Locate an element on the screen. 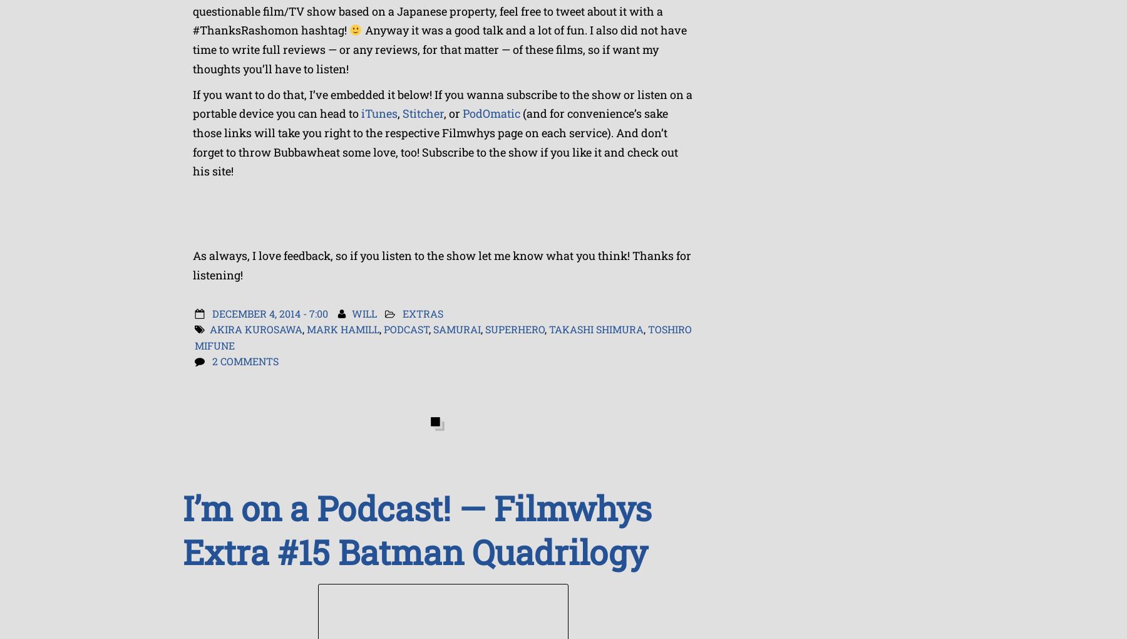 The height and width of the screenshot is (639, 1127). 'If you want to do that, I’ve embedded it below! If you wanna subscribe to the show or listen on a portable device you can head to' is located at coordinates (442, 103).